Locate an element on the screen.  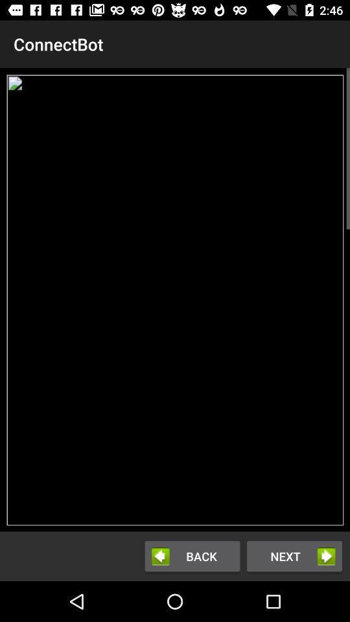
back is located at coordinates (192, 555).